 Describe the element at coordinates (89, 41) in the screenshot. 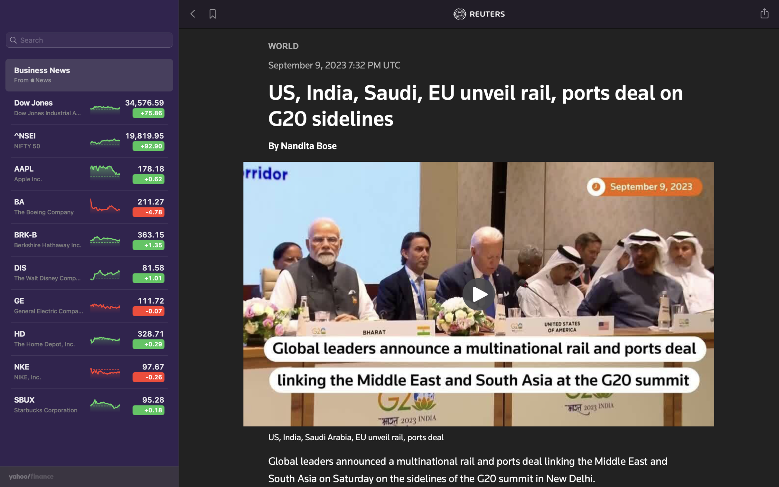

I see `recent news about Dow Jones` at that location.